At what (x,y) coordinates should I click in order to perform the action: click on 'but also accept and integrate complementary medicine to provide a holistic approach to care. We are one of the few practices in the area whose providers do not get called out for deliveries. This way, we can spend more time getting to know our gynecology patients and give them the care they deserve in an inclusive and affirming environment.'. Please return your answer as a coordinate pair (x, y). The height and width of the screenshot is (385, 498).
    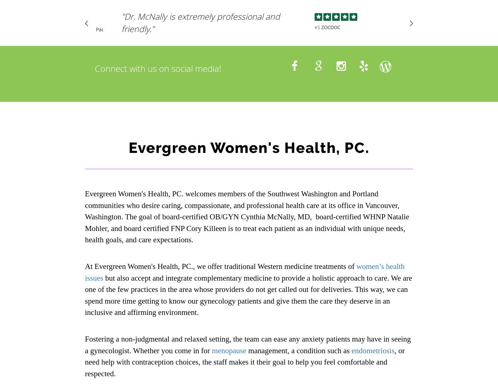
    Looking at the image, I should click on (248, 294).